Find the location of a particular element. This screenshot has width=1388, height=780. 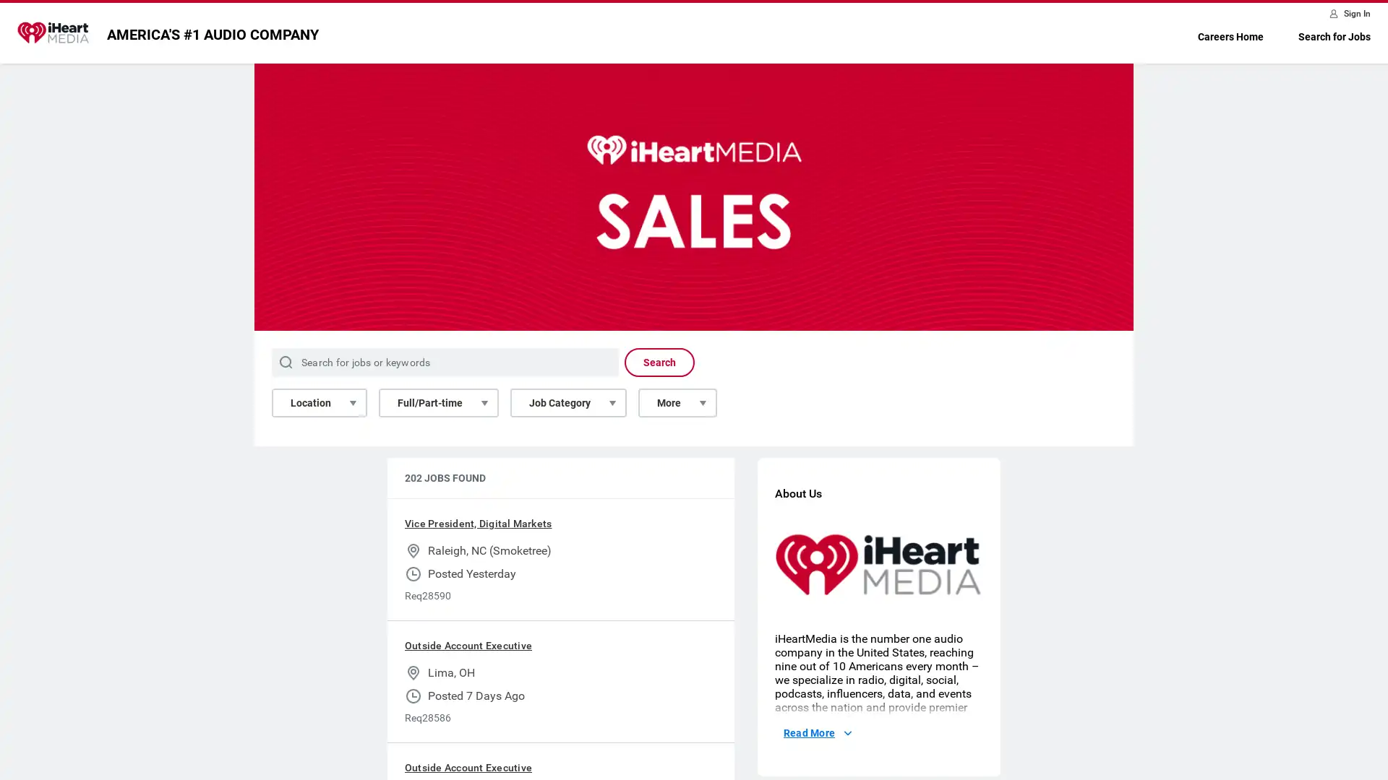

Location is located at coordinates (318, 403).